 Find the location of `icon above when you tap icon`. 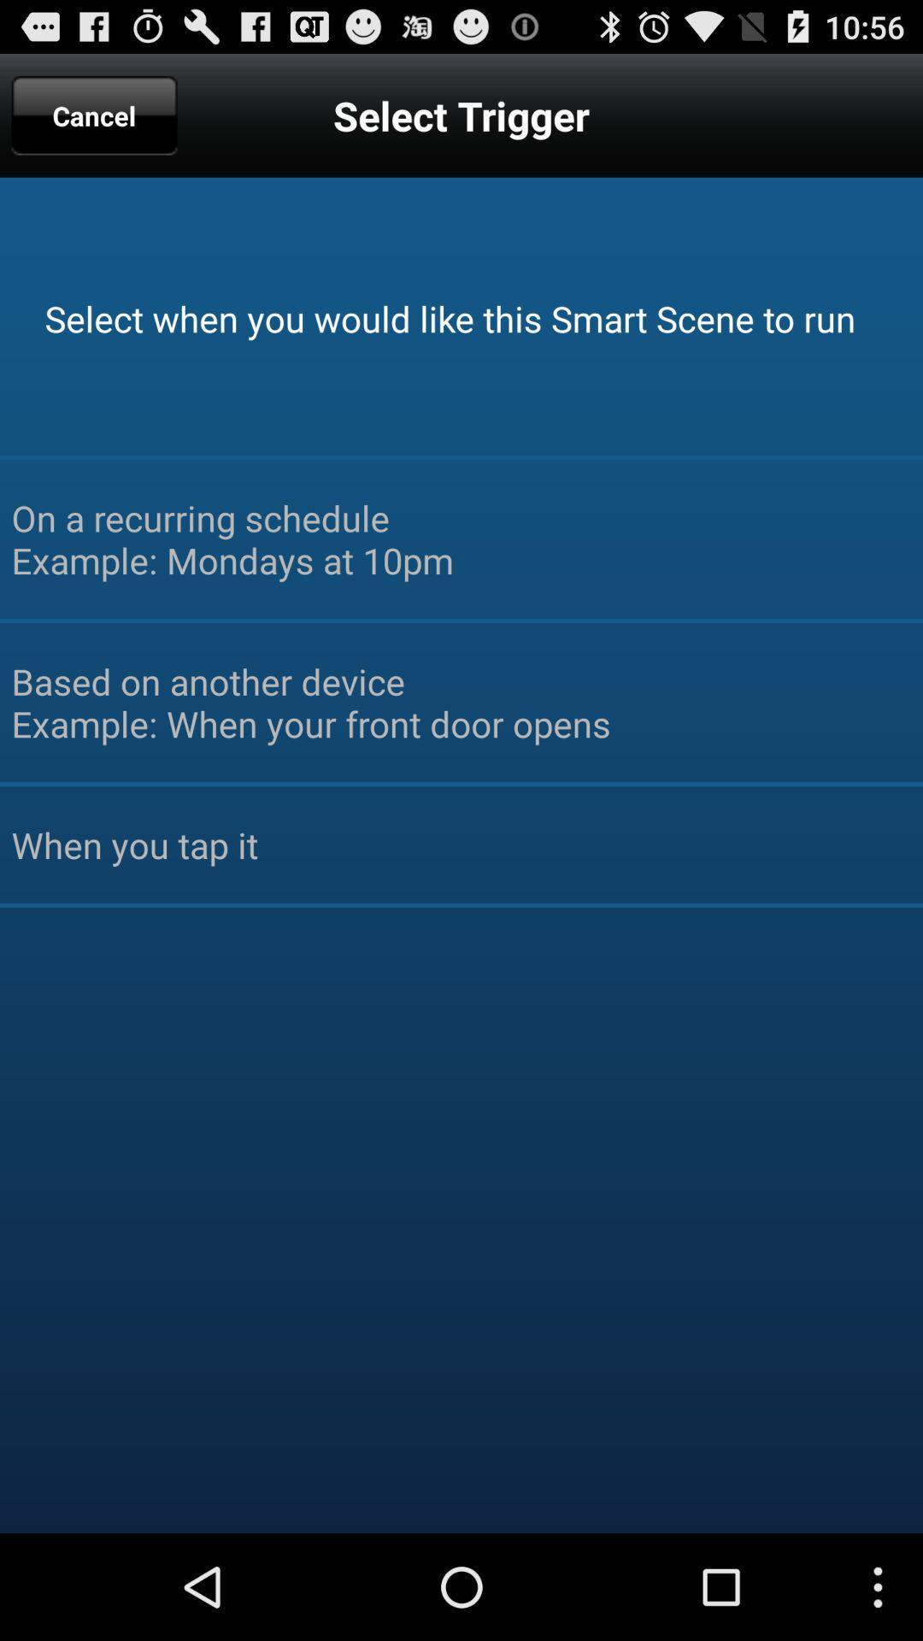

icon above when you tap icon is located at coordinates (461, 702).